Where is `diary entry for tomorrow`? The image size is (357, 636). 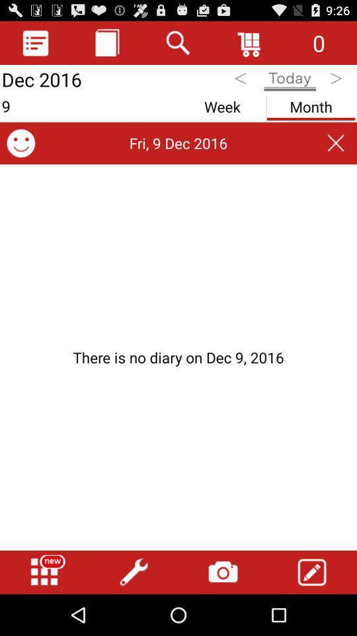
diary entry for tomorrow is located at coordinates (337, 80).